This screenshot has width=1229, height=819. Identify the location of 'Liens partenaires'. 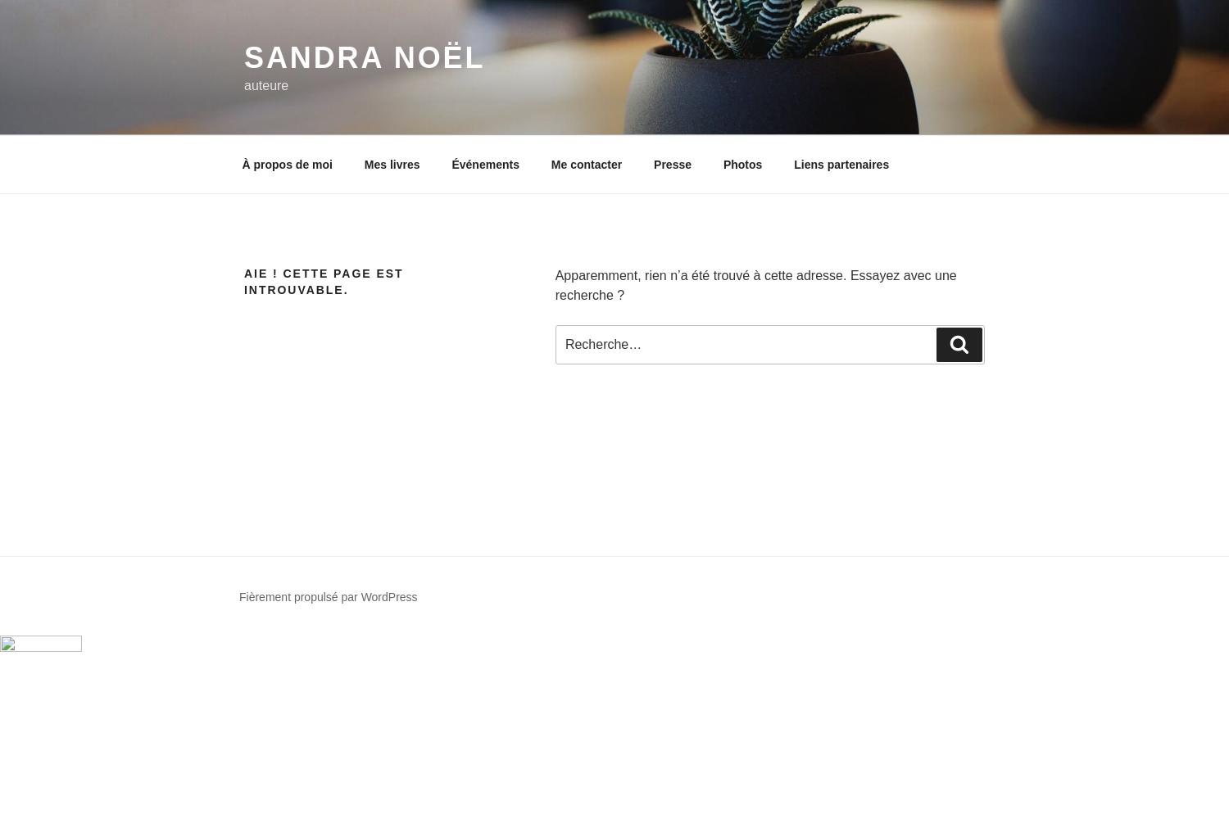
(841, 163).